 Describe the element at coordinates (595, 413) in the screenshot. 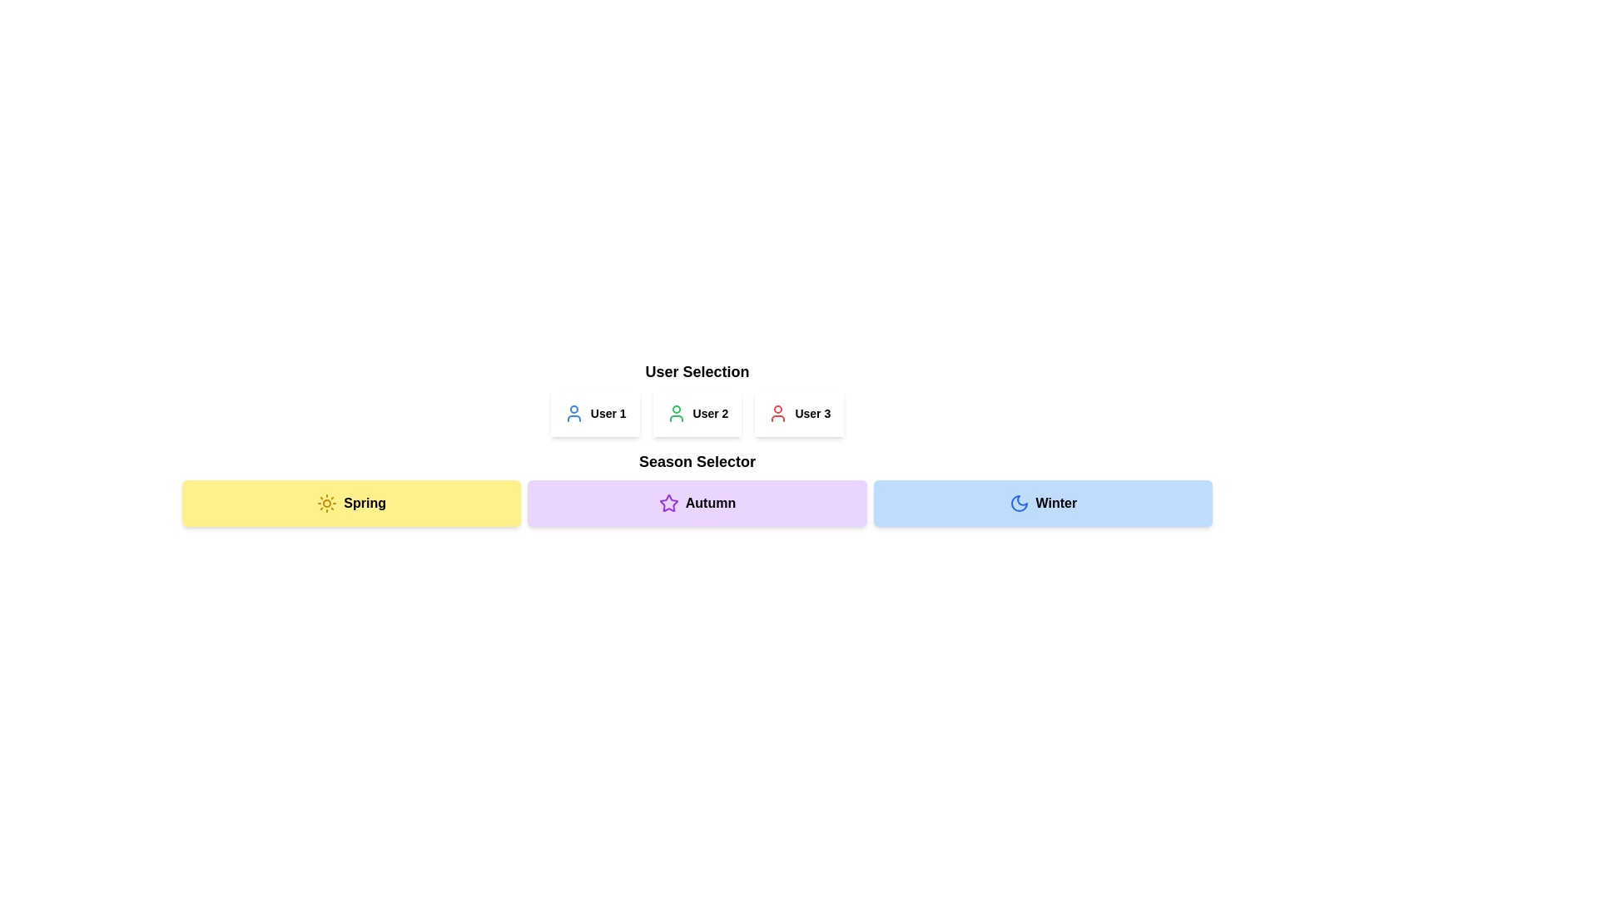

I see `the first Clickable card element representing 'User 1' in the 'User Selection' section` at that location.